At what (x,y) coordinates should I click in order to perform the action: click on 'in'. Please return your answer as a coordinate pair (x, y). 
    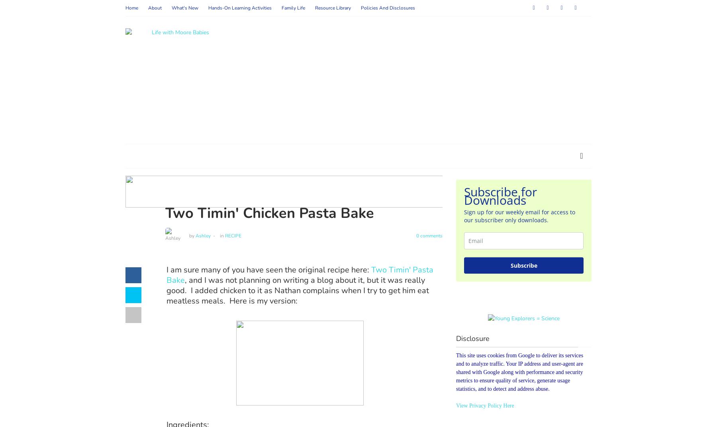
    Looking at the image, I should click on (221, 235).